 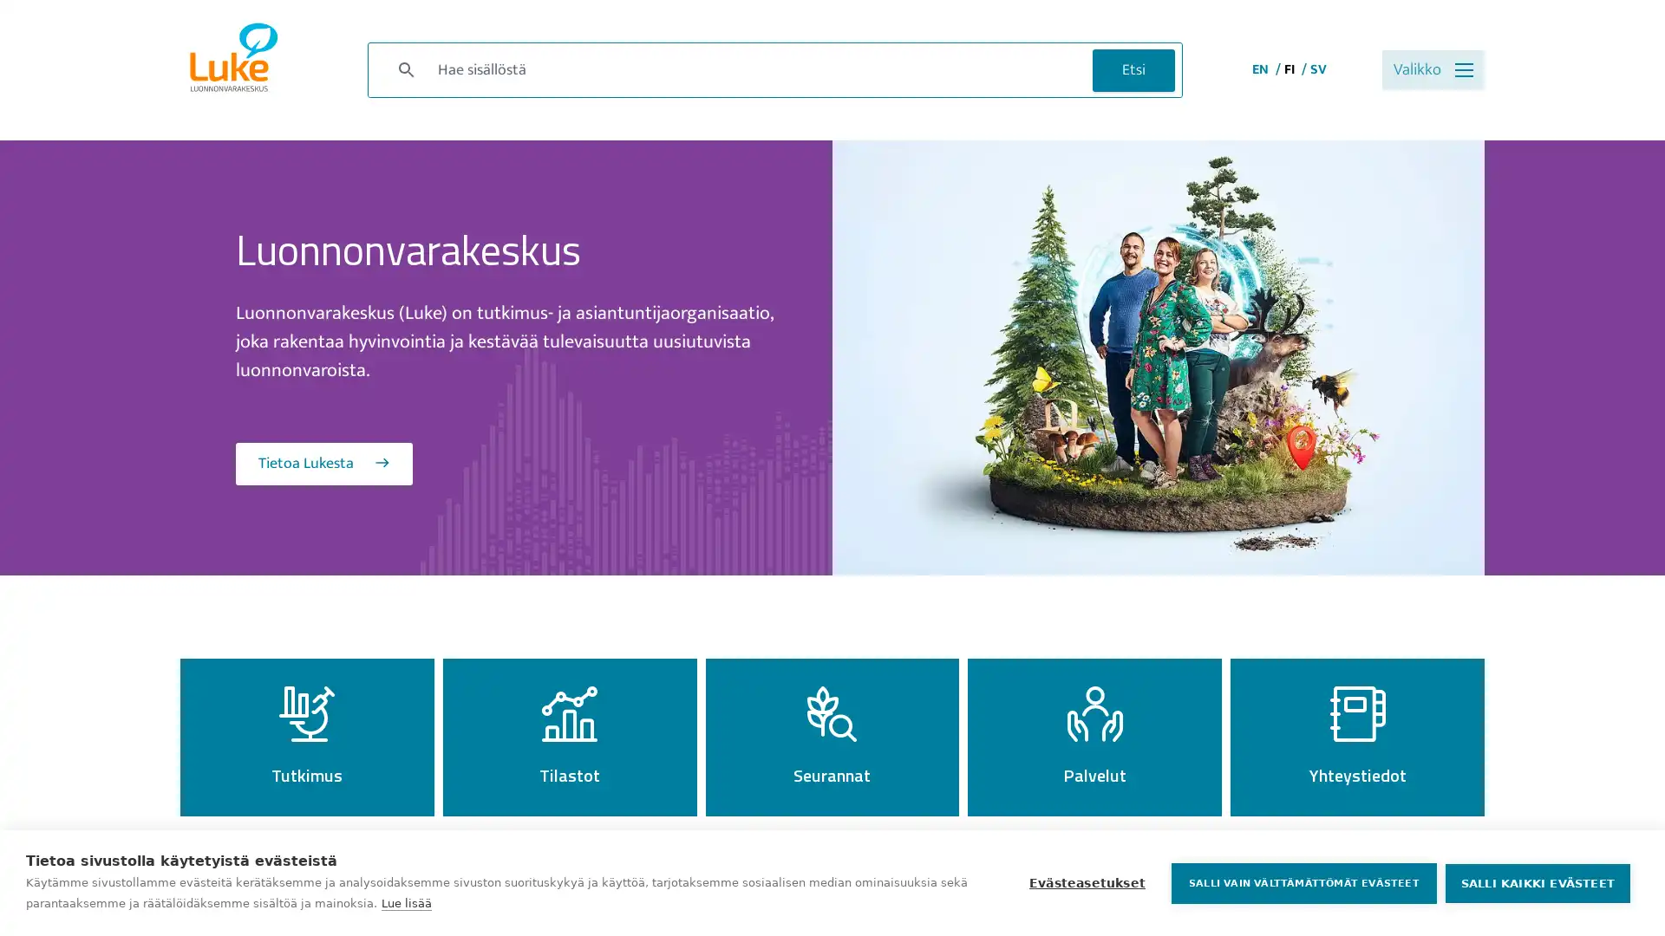 I want to click on SALLI KAIKKI EVASTEET, so click(x=1537, y=882).